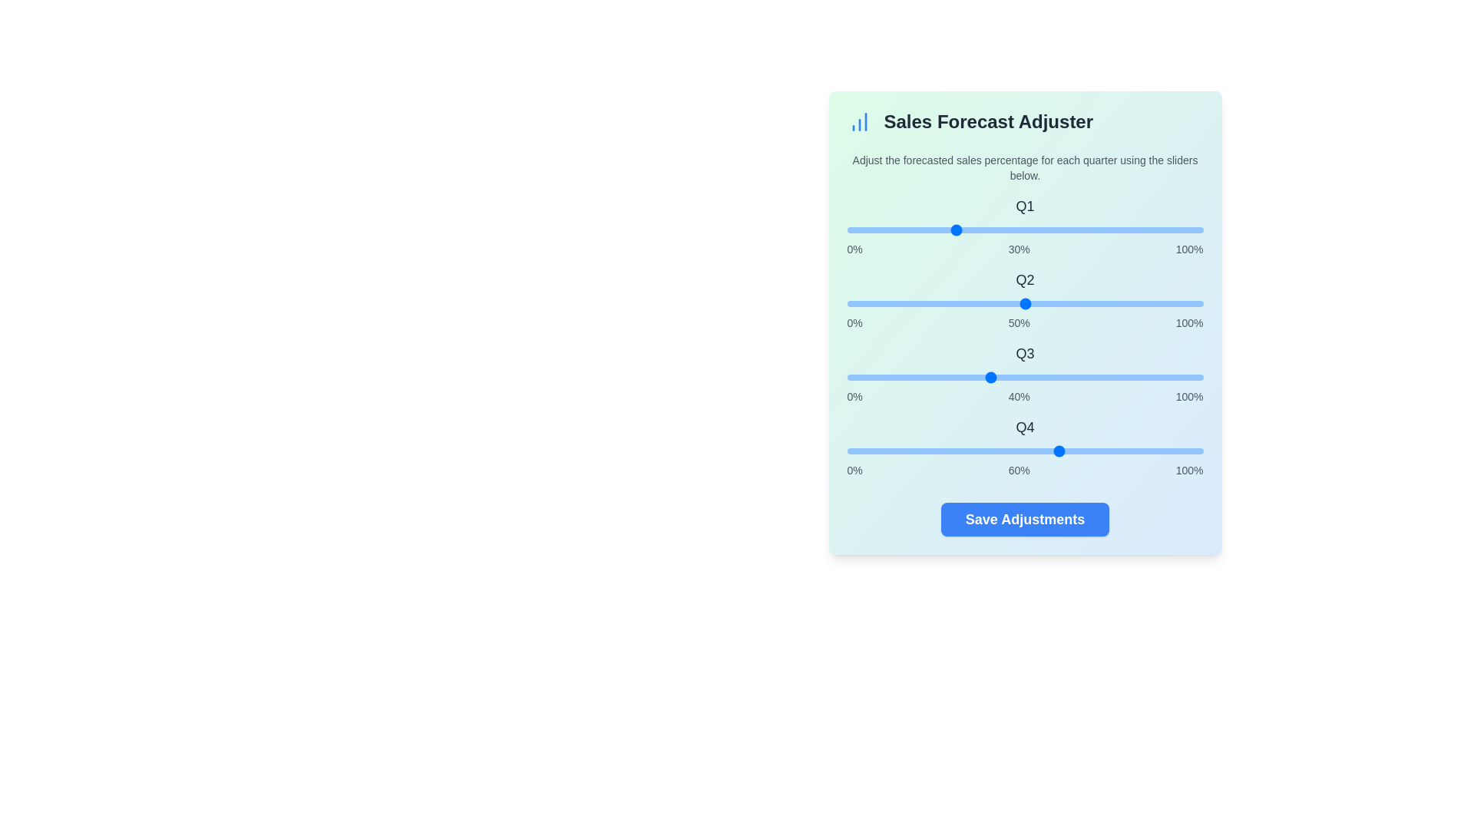  I want to click on the Q4 slider to 95%, so click(1185, 450).